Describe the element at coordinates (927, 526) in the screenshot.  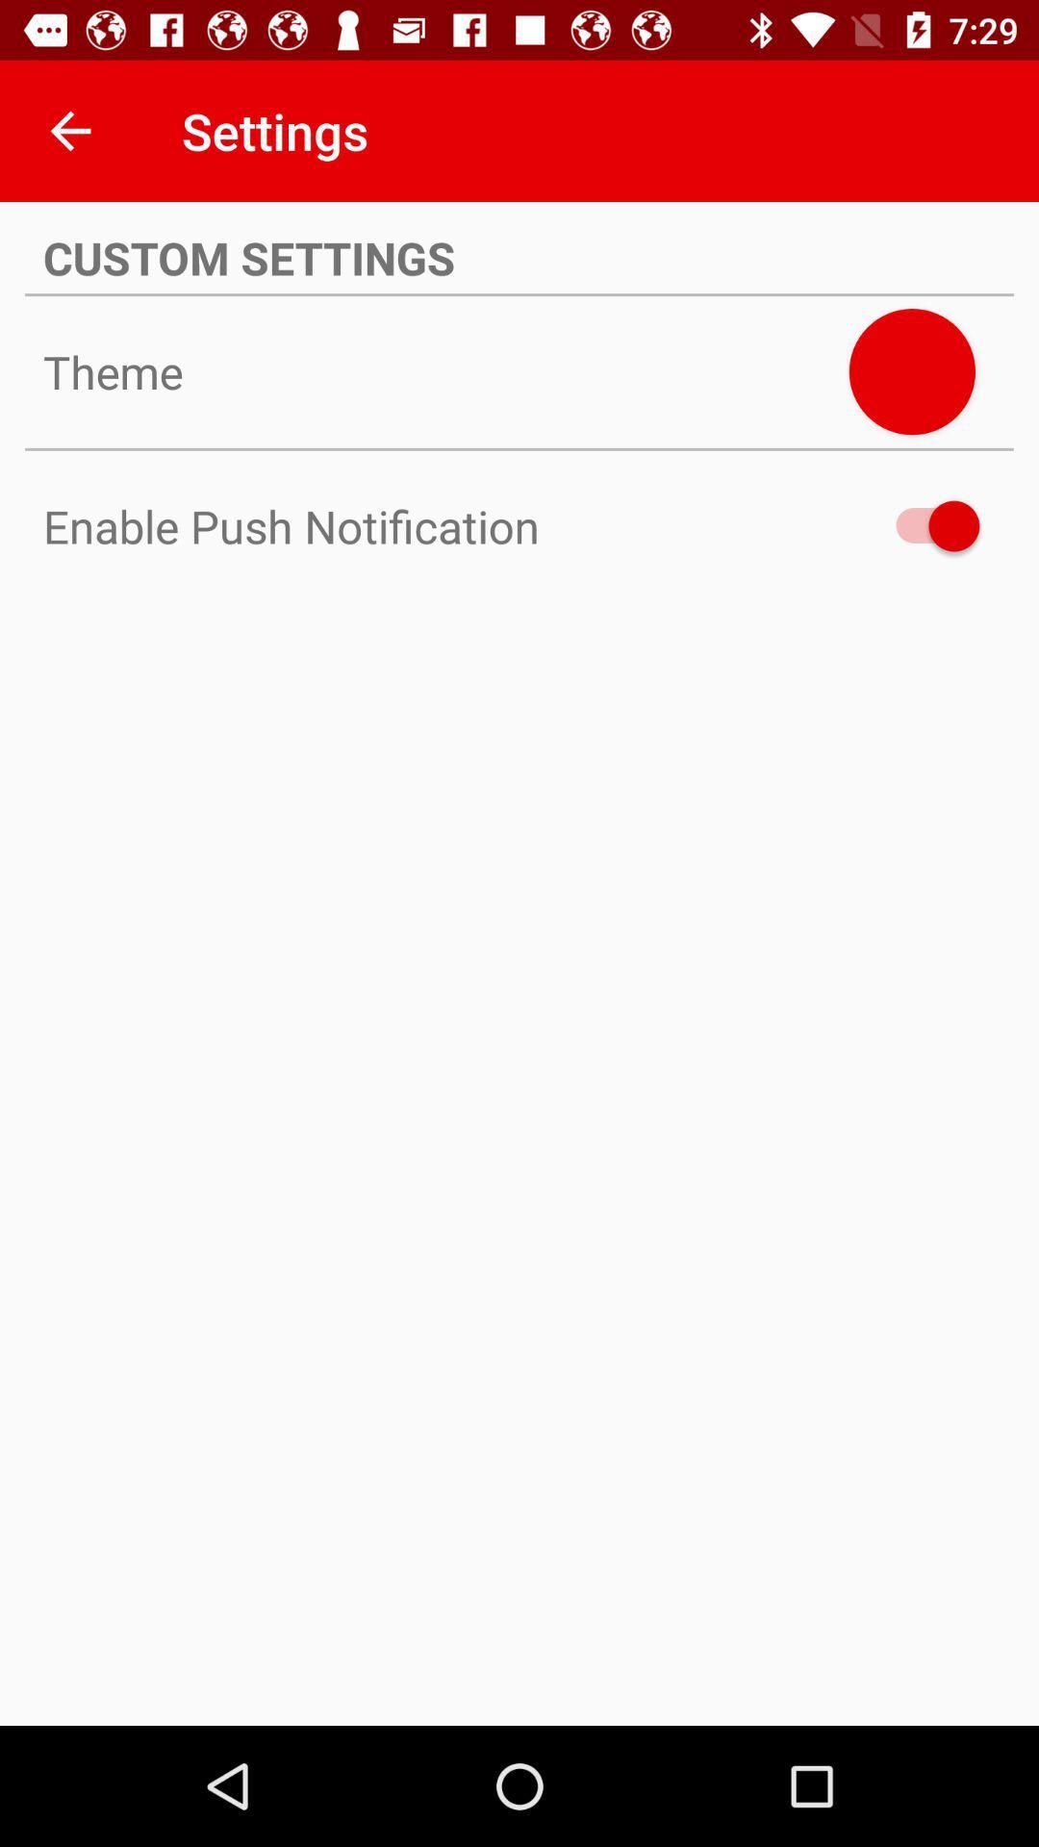
I see `push notification` at that location.